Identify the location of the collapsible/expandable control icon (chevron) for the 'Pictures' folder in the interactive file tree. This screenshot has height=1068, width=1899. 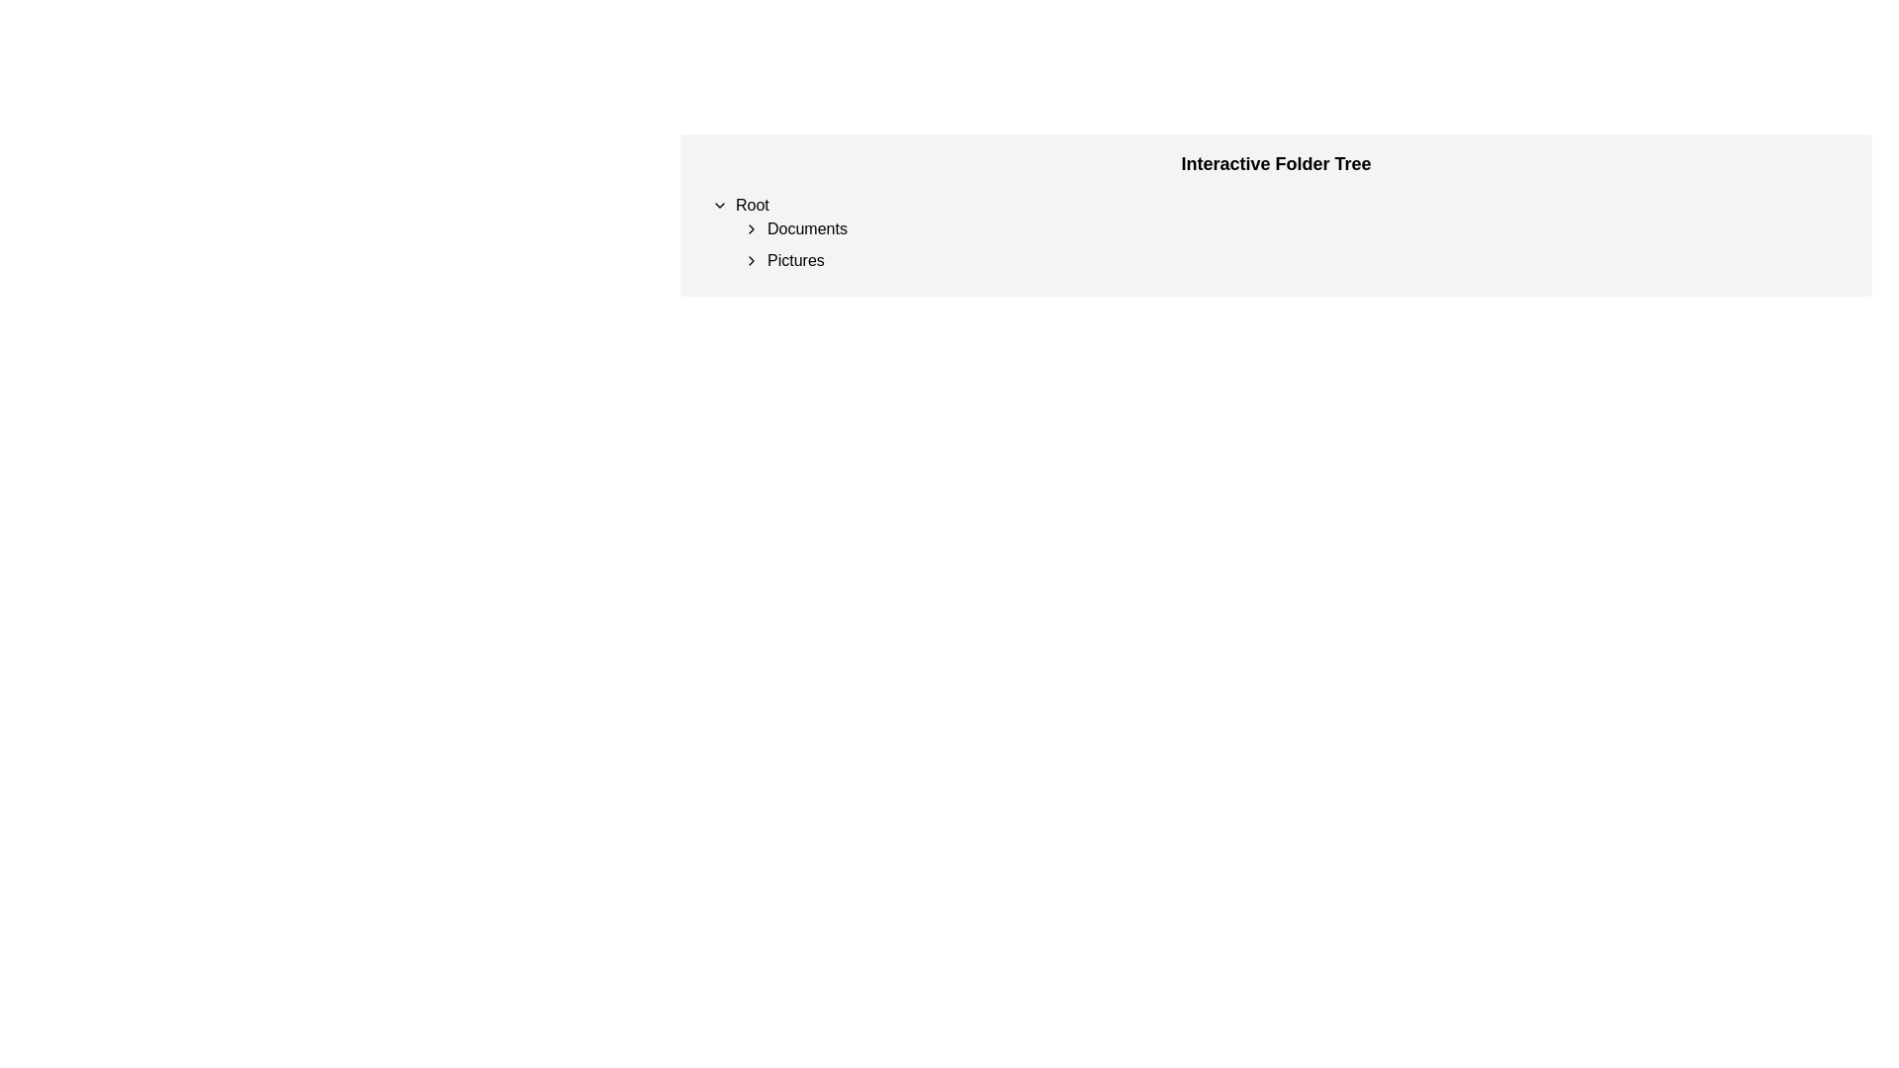
(750, 259).